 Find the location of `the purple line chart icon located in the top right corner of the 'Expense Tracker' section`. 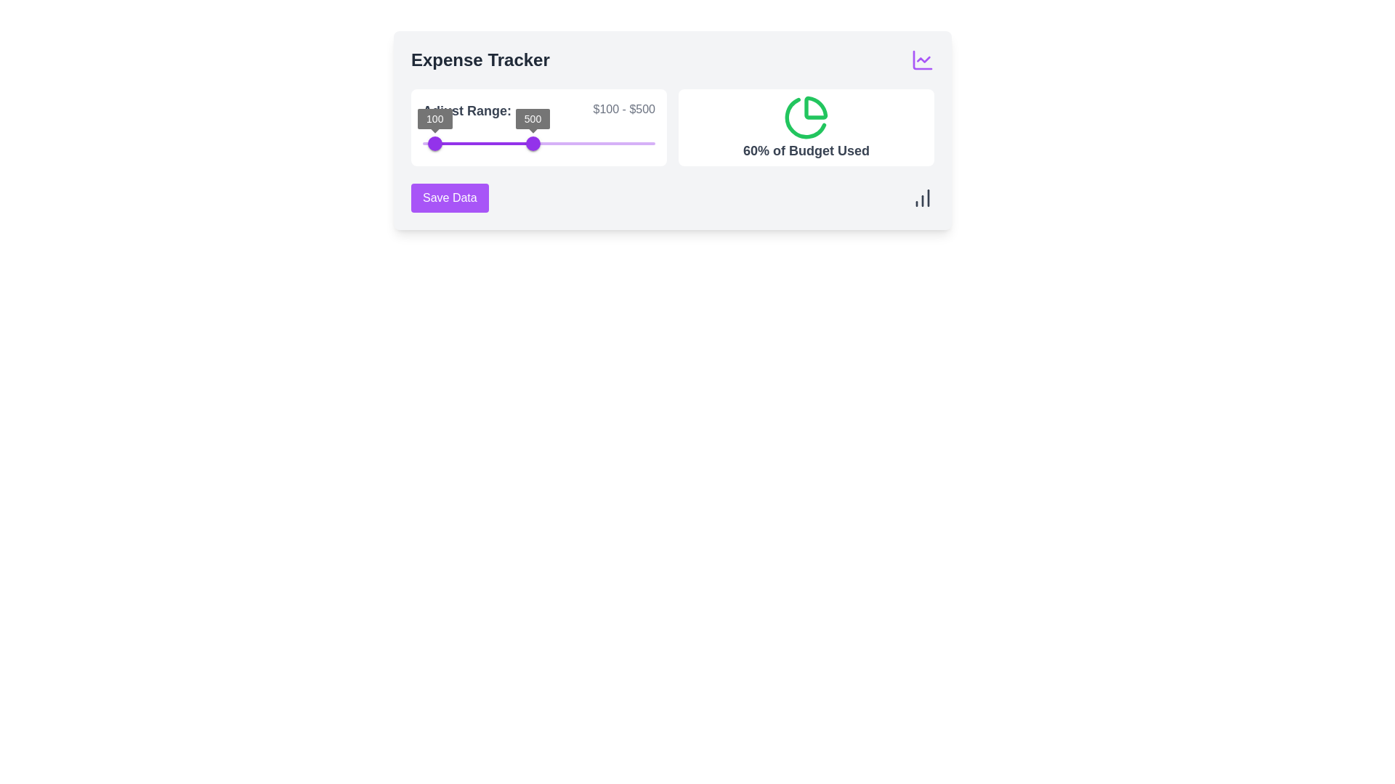

the purple line chart icon located in the top right corner of the 'Expense Tracker' section is located at coordinates (922, 60).